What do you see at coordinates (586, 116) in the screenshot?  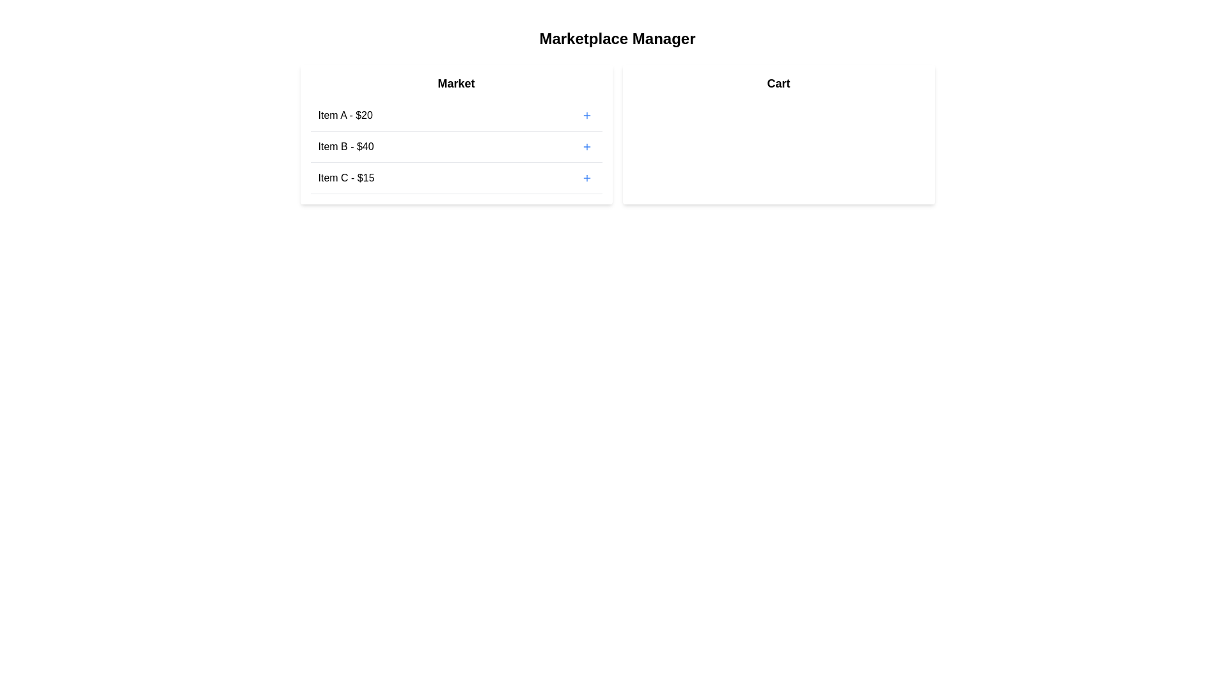 I see `'+' button next to the item Item A to add it to the cart` at bounding box center [586, 116].